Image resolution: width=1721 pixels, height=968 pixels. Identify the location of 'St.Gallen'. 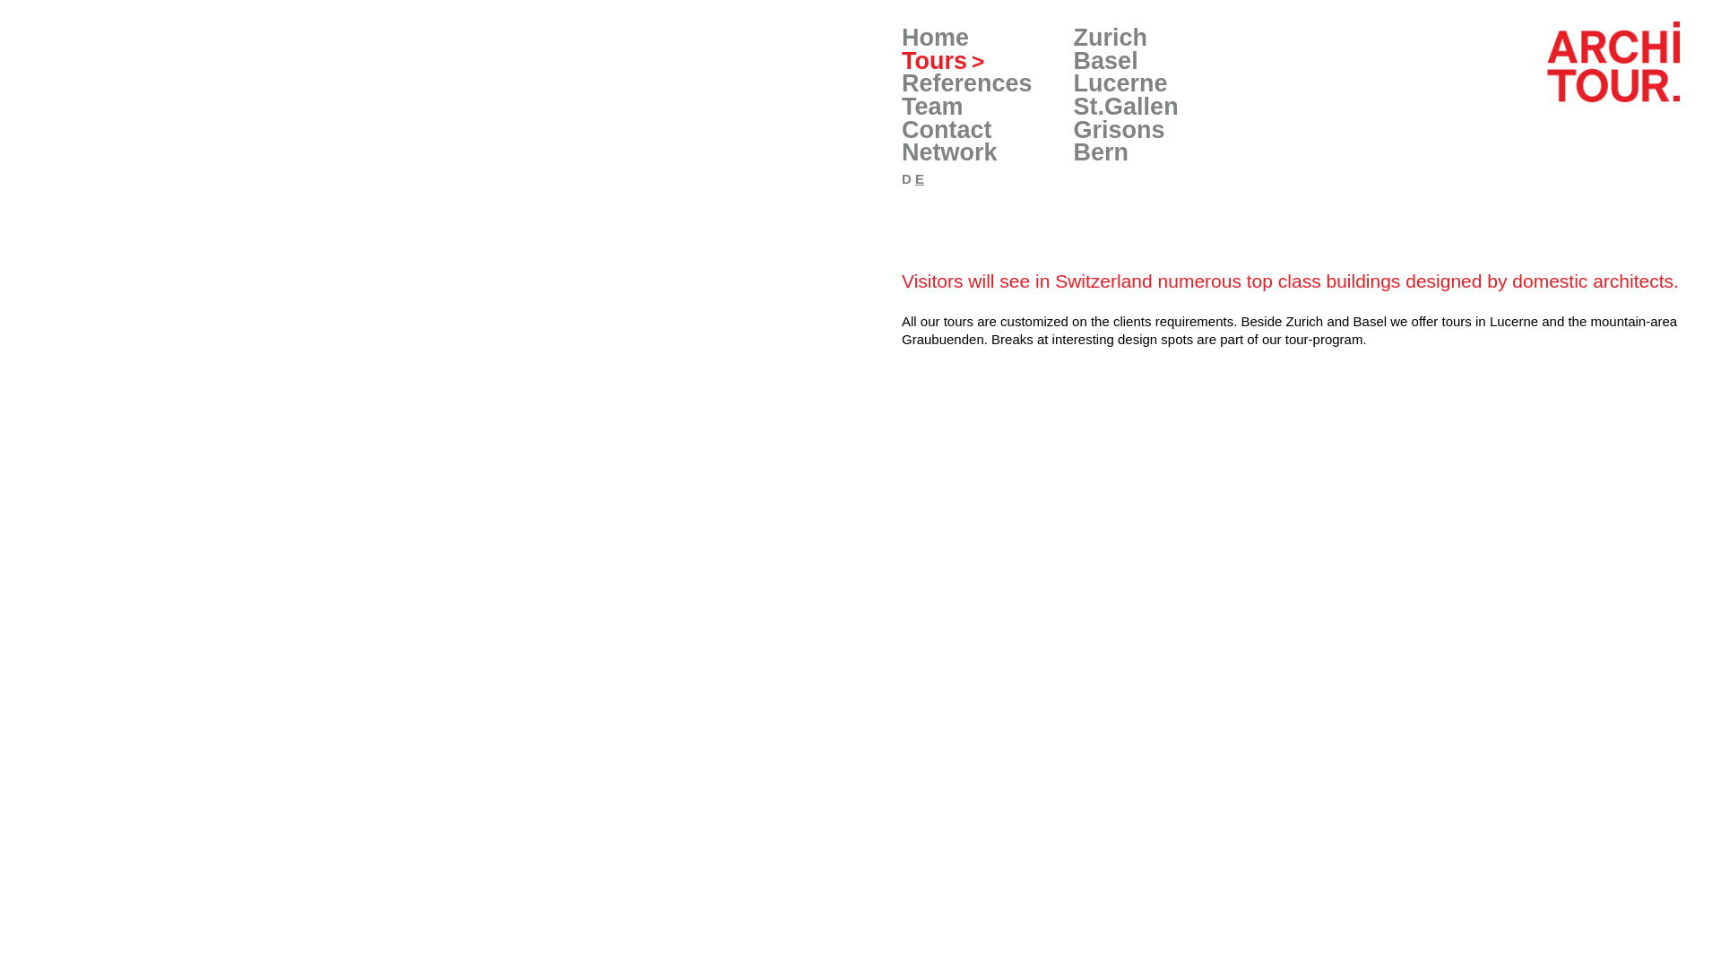
(1125, 107).